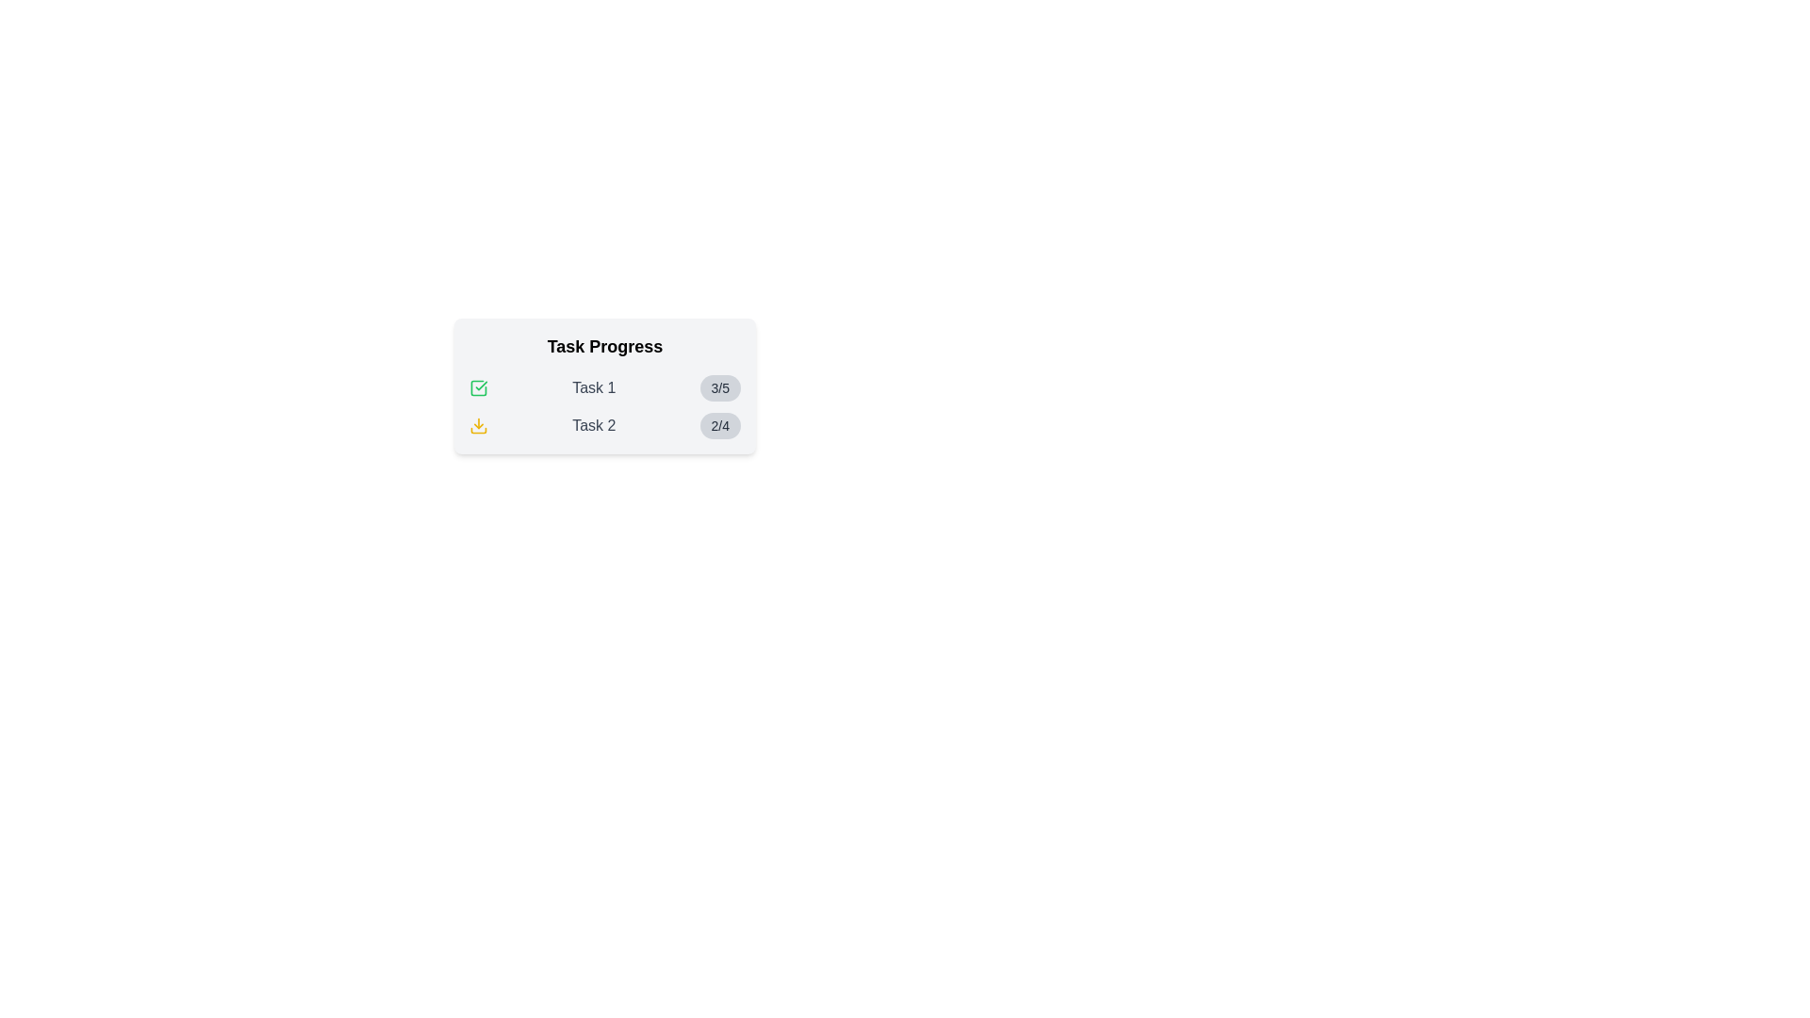 Image resolution: width=1810 pixels, height=1018 pixels. Describe the element at coordinates (719, 425) in the screenshot. I see `the small rectangular badge with a grey background containing the text '2/4', positioned at the right end of the row associated with 'Task 2'` at that location.